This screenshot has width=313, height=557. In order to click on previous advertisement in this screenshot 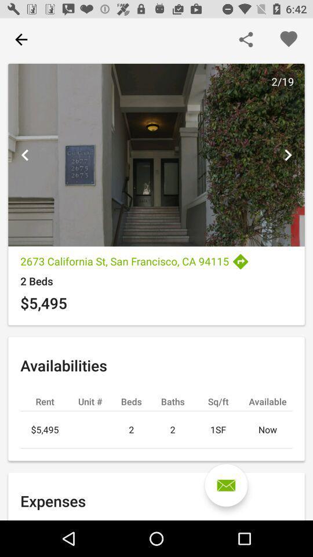, I will do `click(25, 154)`.